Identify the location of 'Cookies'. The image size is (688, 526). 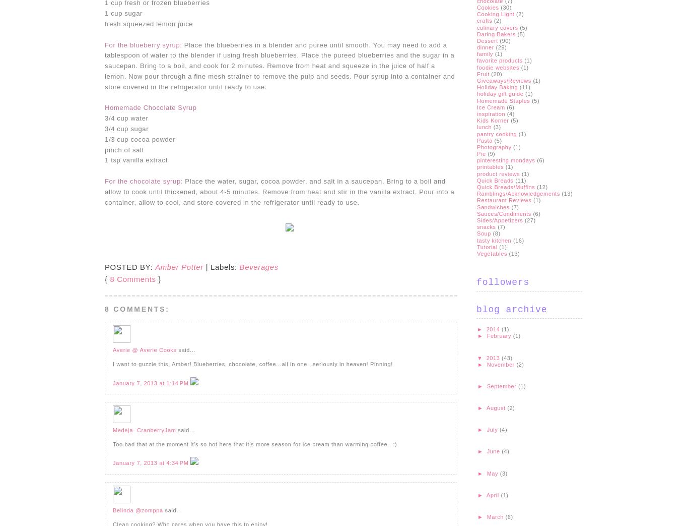
(477, 6).